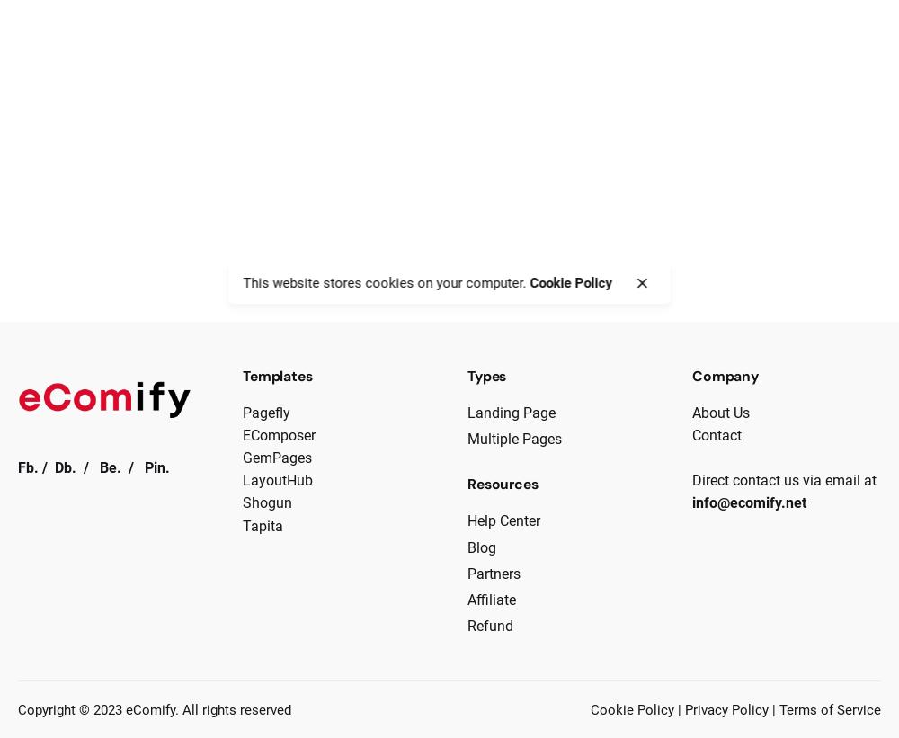 This screenshot has width=899, height=738. Describe the element at coordinates (157, 467) in the screenshot. I see `'Pin.'` at that location.